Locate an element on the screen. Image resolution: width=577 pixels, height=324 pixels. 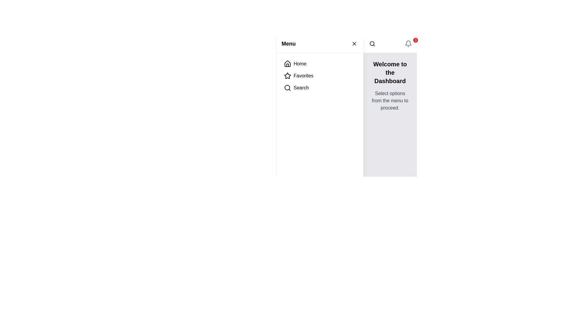
the 'Menu' static text label located at the top-left section of the user interface, which is styled in bold and larger font size is located at coordinates (288, 43).